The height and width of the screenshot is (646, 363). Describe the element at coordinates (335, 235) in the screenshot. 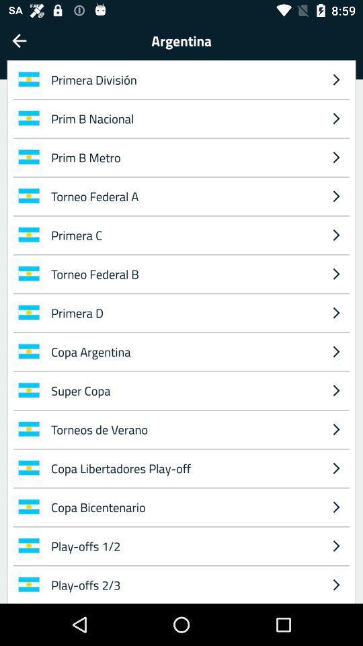

I see `the item to the right of the torneo federal a icon` at that location.